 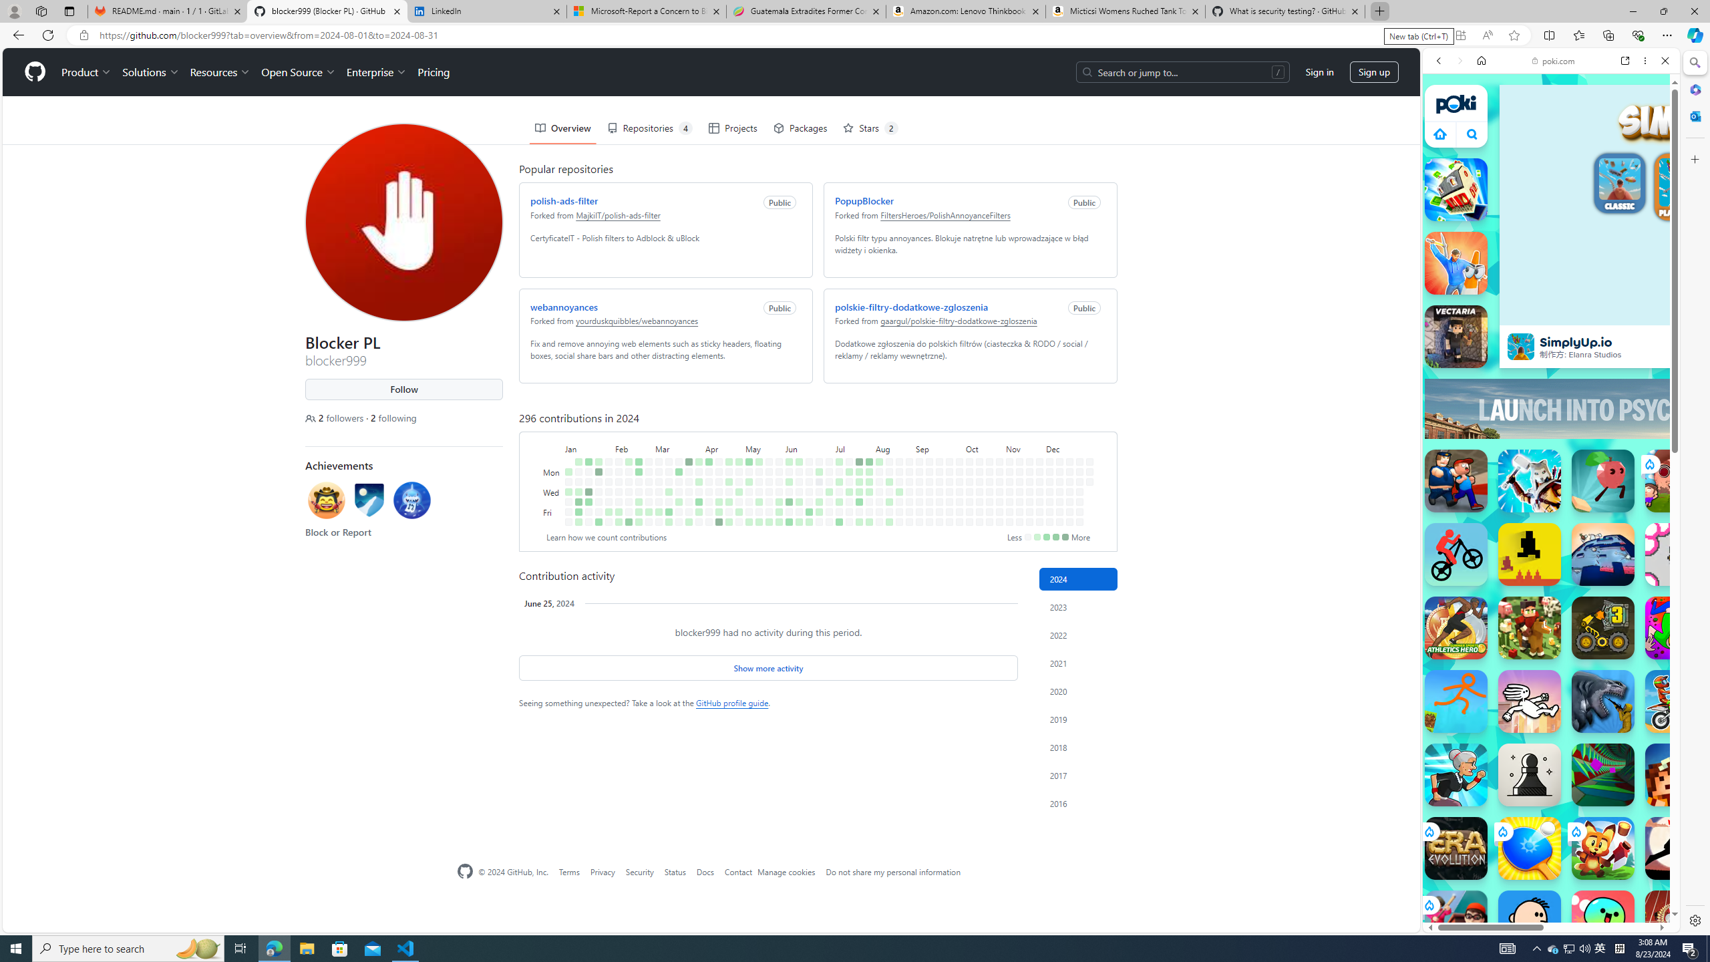 What do you see at coordinates (563, 128) in the screenshot?
I see `'Overview'` at bounding box center [563, 128].